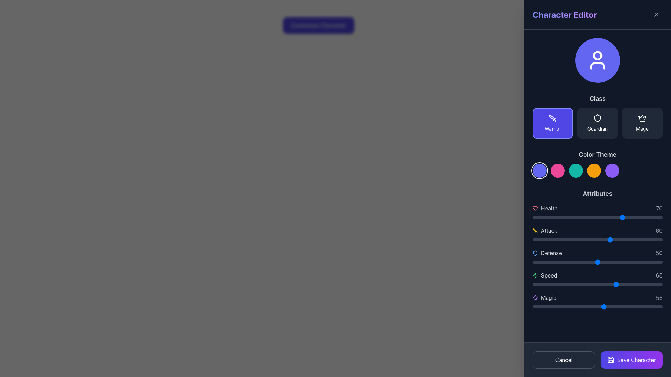 The image size is (671, 377). What do you see at coordinates (642, 118) in the screenshot?
I see `the 'Mage' class selection icon located at the uppermost position in the three-class selection section` at bounding box center [642, 118].